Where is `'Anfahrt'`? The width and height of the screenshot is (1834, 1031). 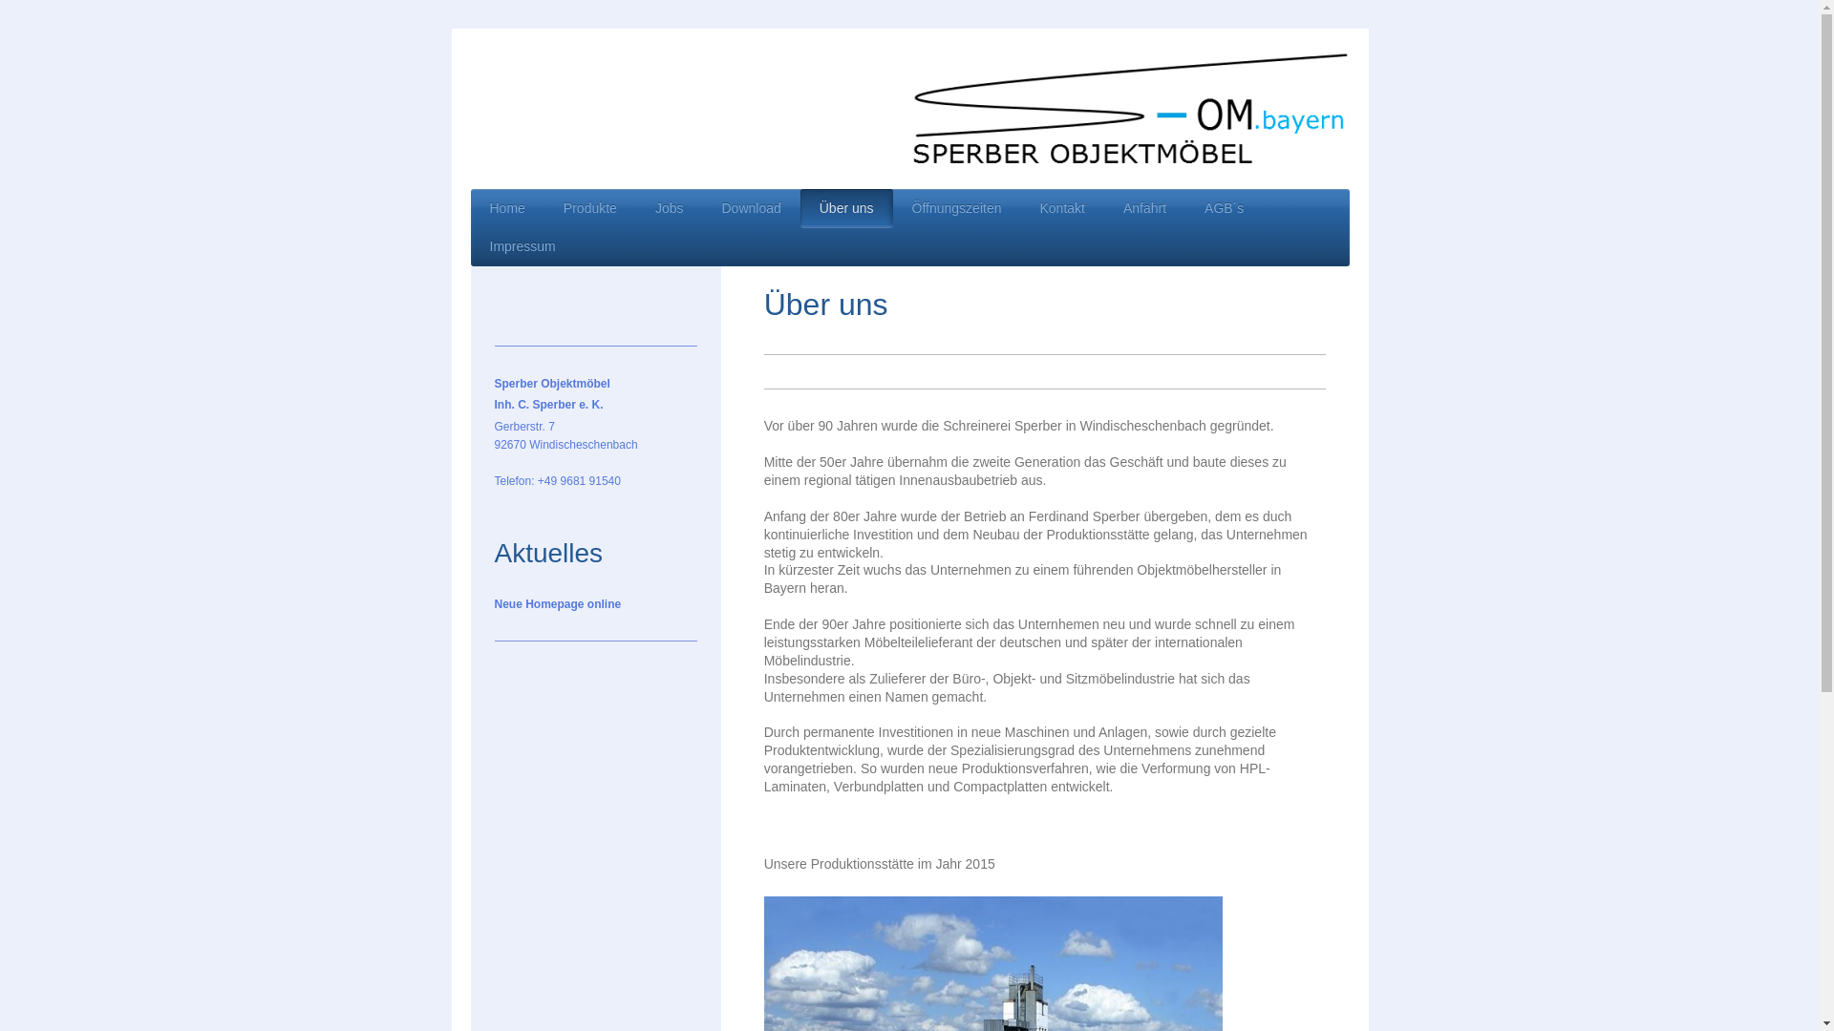
'Anfahrt' is located at coordinates (1144, 208).